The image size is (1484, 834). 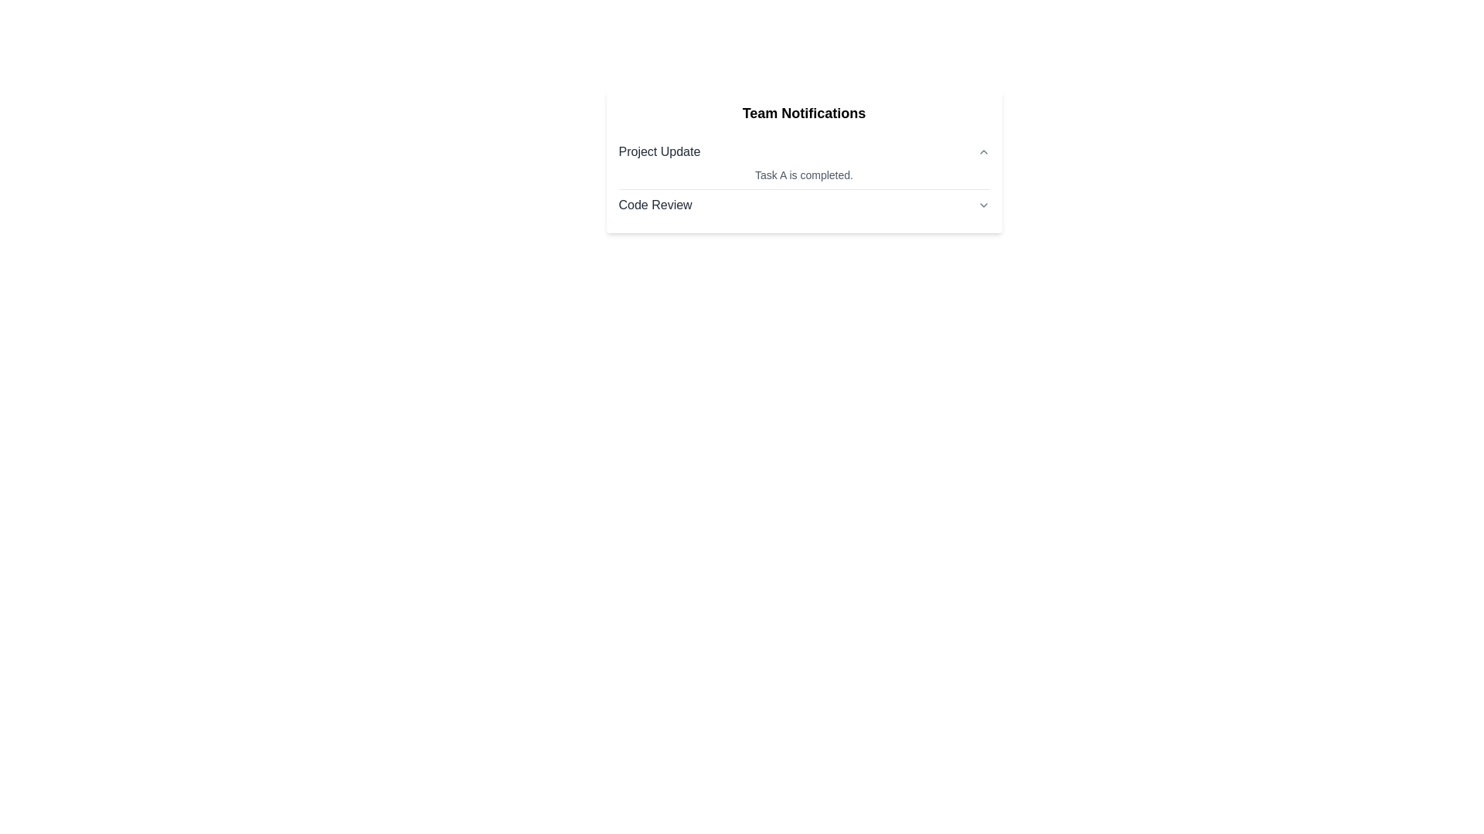 I want to click on the 'Code Review' dropdown button located in the 'Team Notifications' section, so click(x=804, y=205).